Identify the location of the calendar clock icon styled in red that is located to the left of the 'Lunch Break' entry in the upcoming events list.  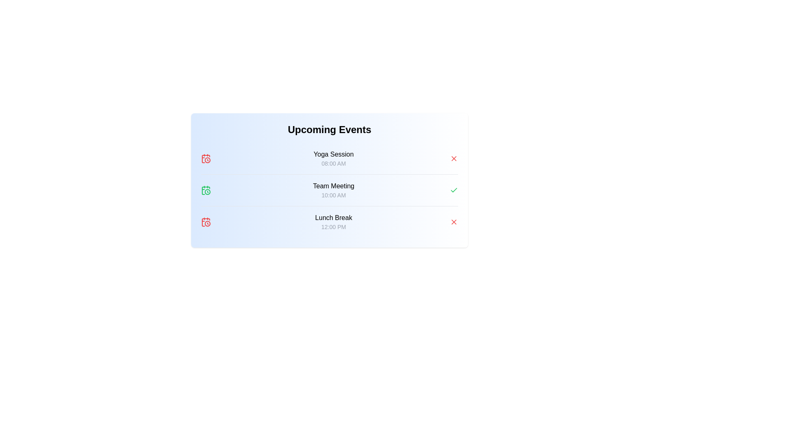
(206, 222).